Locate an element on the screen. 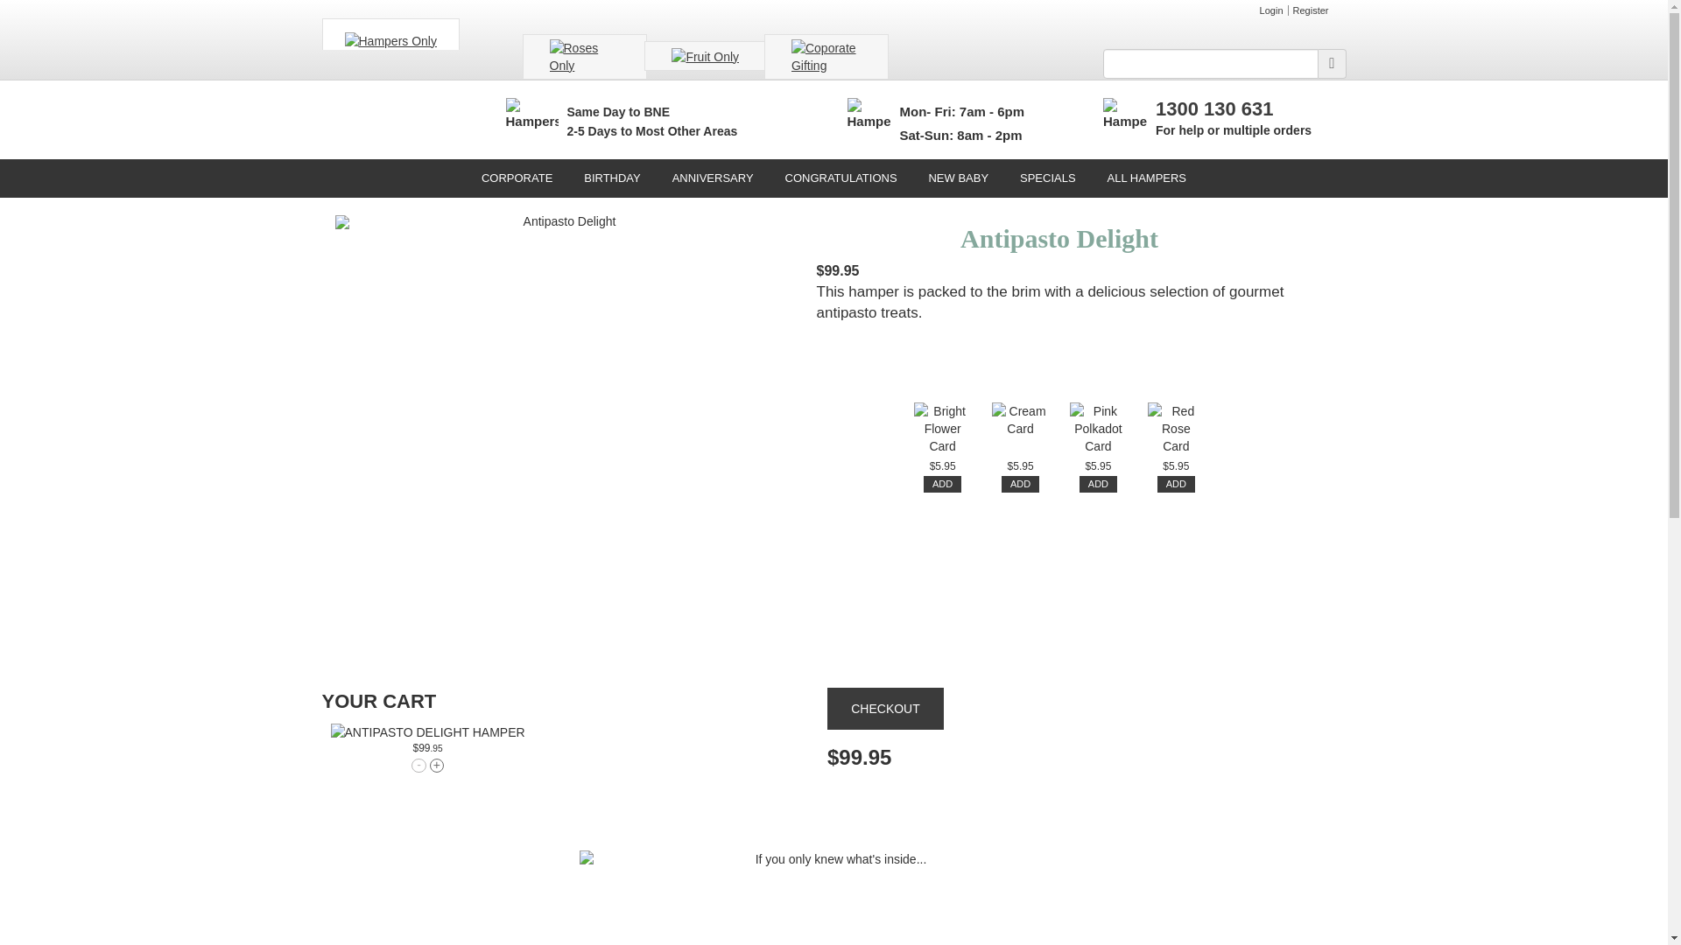  'ALL HAMPERS' is located at coordinates (1146, 178).